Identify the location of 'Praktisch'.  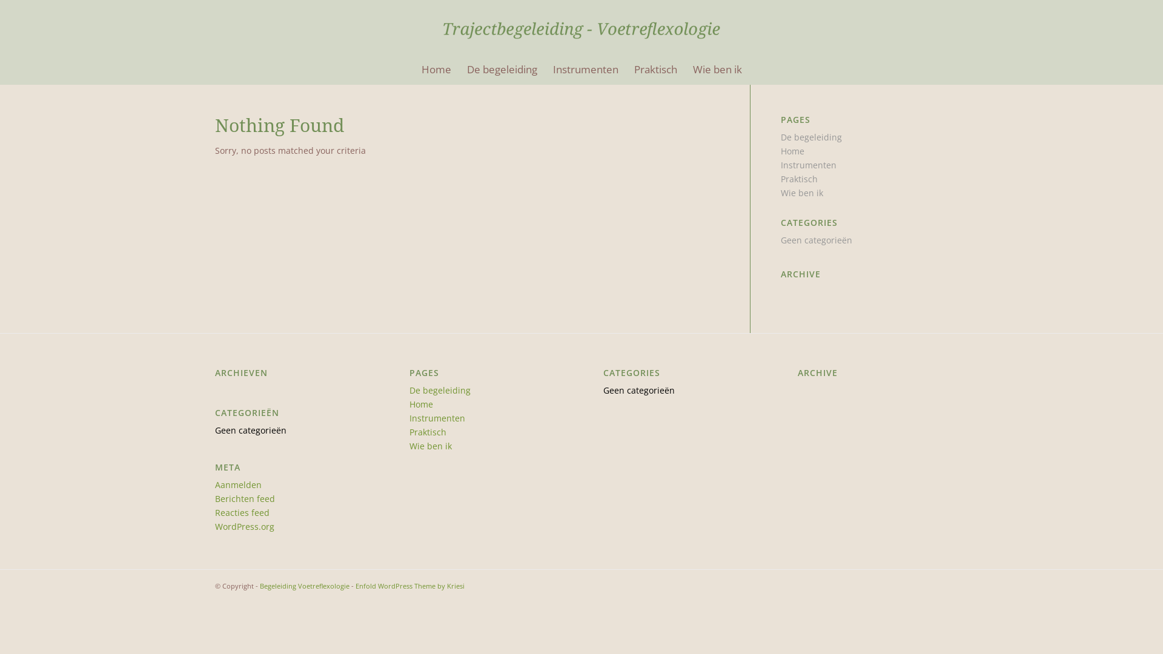
(655, 70).